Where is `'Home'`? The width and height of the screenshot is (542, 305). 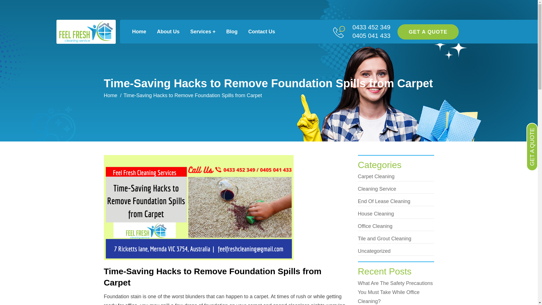 'Home' is located at coordinates (142, 31).